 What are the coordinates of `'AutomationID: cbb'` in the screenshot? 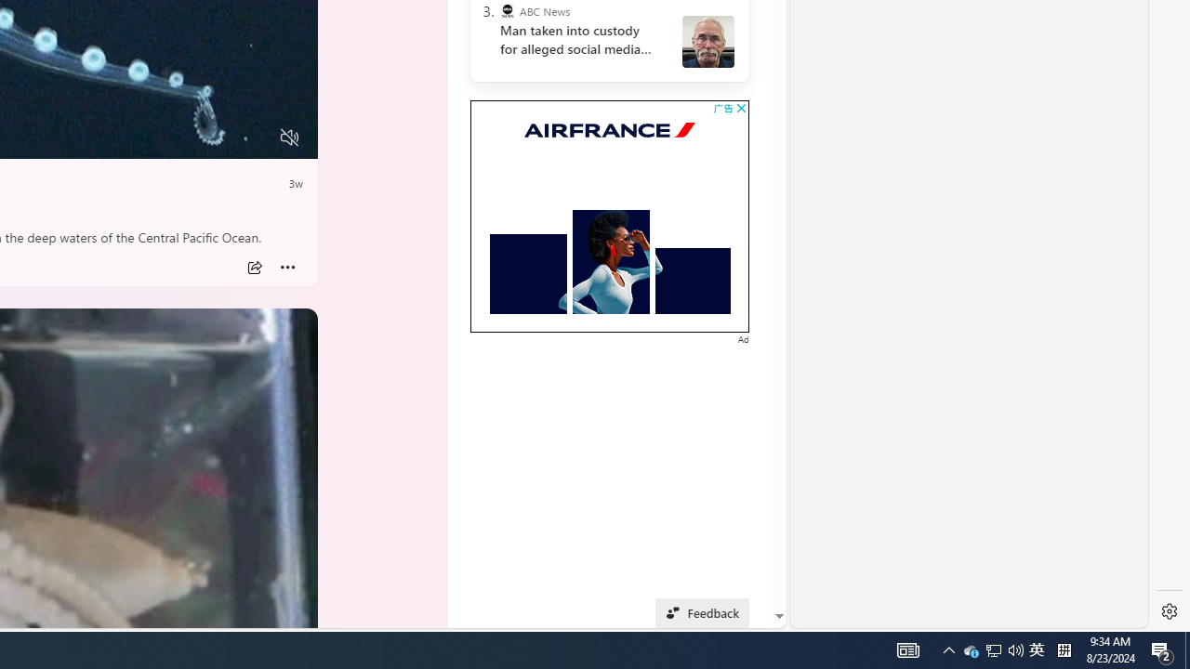 It's located at (740, 108).